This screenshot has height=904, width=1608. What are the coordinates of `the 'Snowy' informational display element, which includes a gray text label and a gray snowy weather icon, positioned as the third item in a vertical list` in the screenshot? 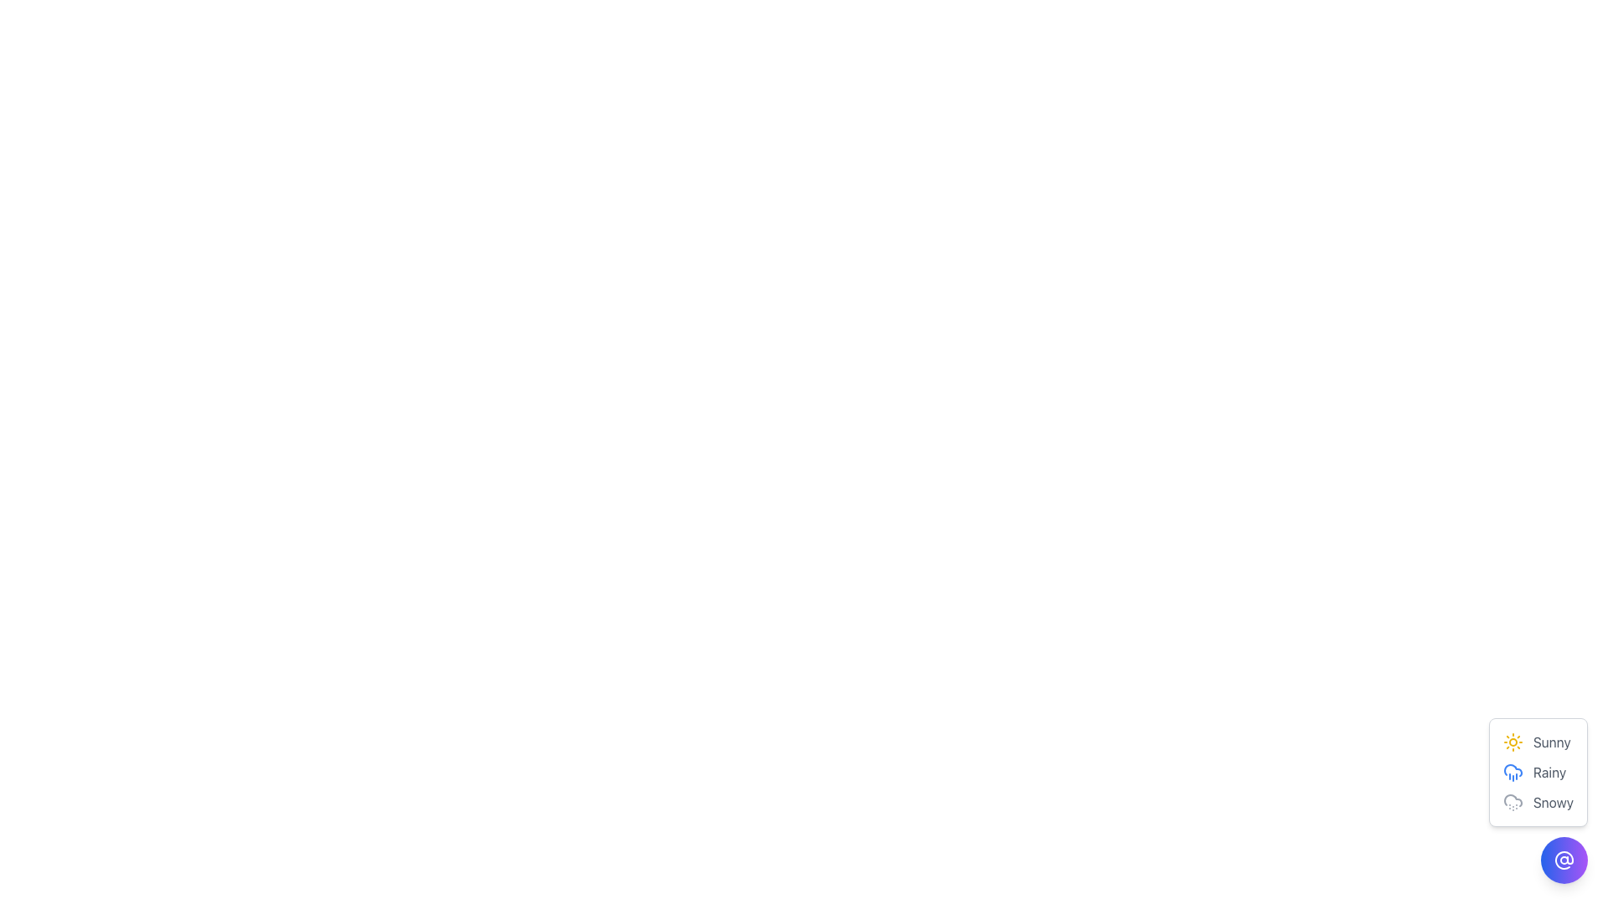 It's located at (1538, 802).